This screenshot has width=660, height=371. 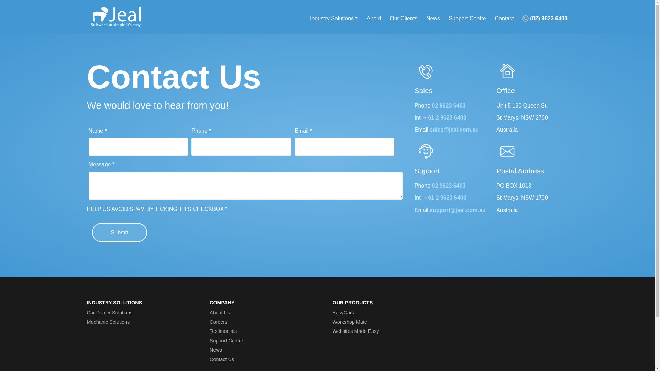 I want to click on 'sales@jeal.com.au', so click(x=429, y=130).